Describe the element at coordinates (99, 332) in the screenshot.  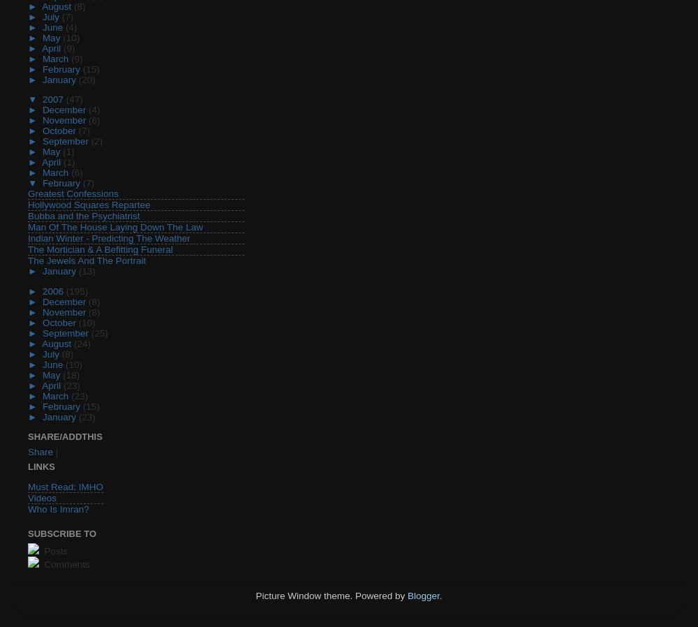
I see `'(25)'` at that location.